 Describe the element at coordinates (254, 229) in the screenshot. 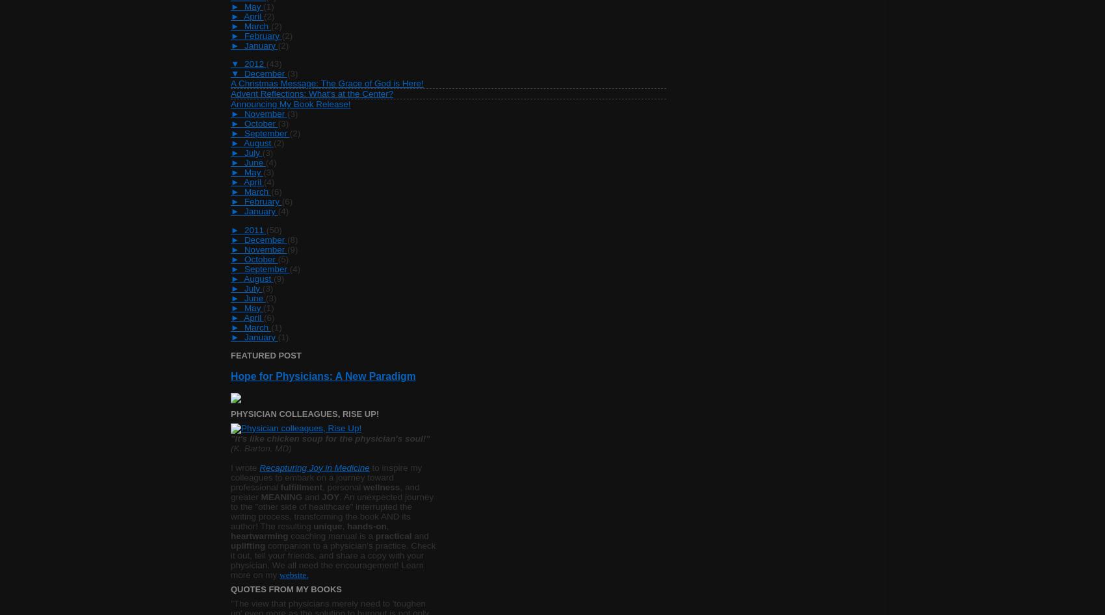

I see `'2011'` at that location.